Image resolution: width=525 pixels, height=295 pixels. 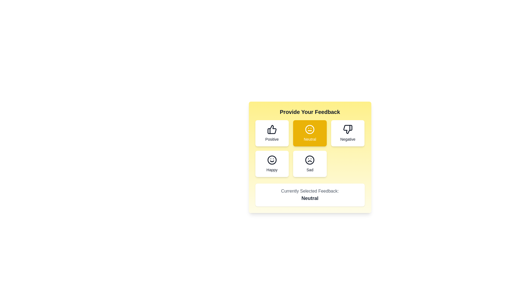 I want to click on the feedback option Negative by clicking on its button, so click(x=348, y=133).